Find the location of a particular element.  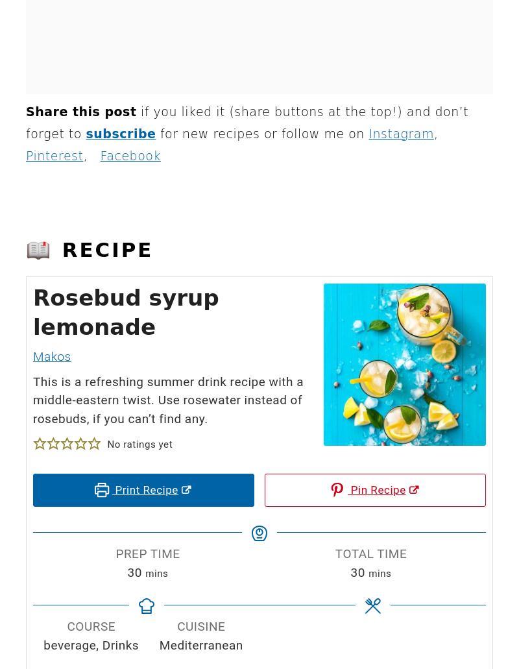

'Cuisine' is located at coordinates (200, 626).